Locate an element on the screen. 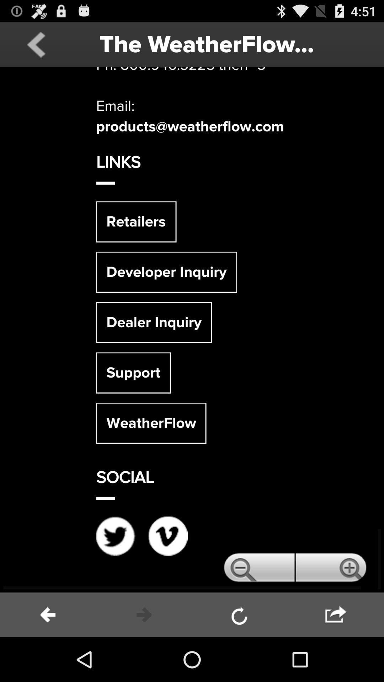 The height and width of the screenshot is (682, 384). previous is located at coordinates (36, 44).